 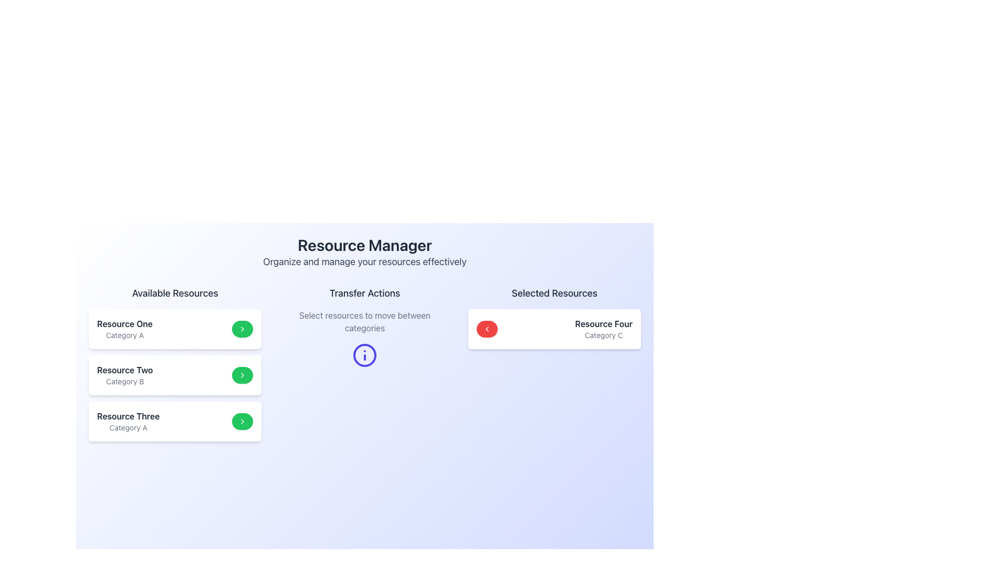 I want to click on the non-interactive text label that provides categorical information about 'Resource One', located in the 'Available Resources' section, positioned below the title text, so click(x=124, y=335).